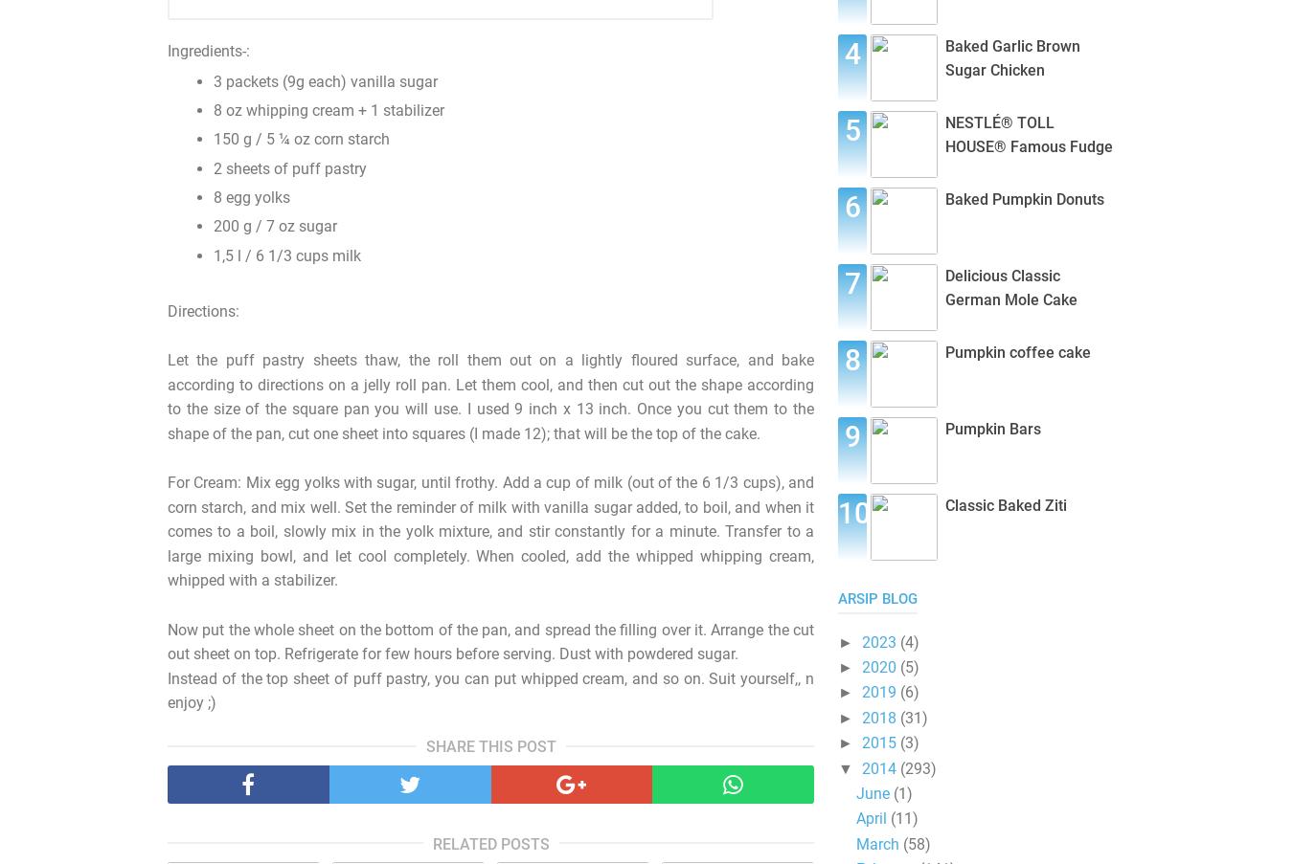 The width and height of the screenshot is (1293, 864). Describe the element at coordinates (489, 640) in the screenshot. I see `'Now put the whole sheet on the bottom of the pan, and spread the filling over it. Arrange the cut out sheet on top. Refrigerate for few hours before serving. Dust with powdered sugar.'` at that location.